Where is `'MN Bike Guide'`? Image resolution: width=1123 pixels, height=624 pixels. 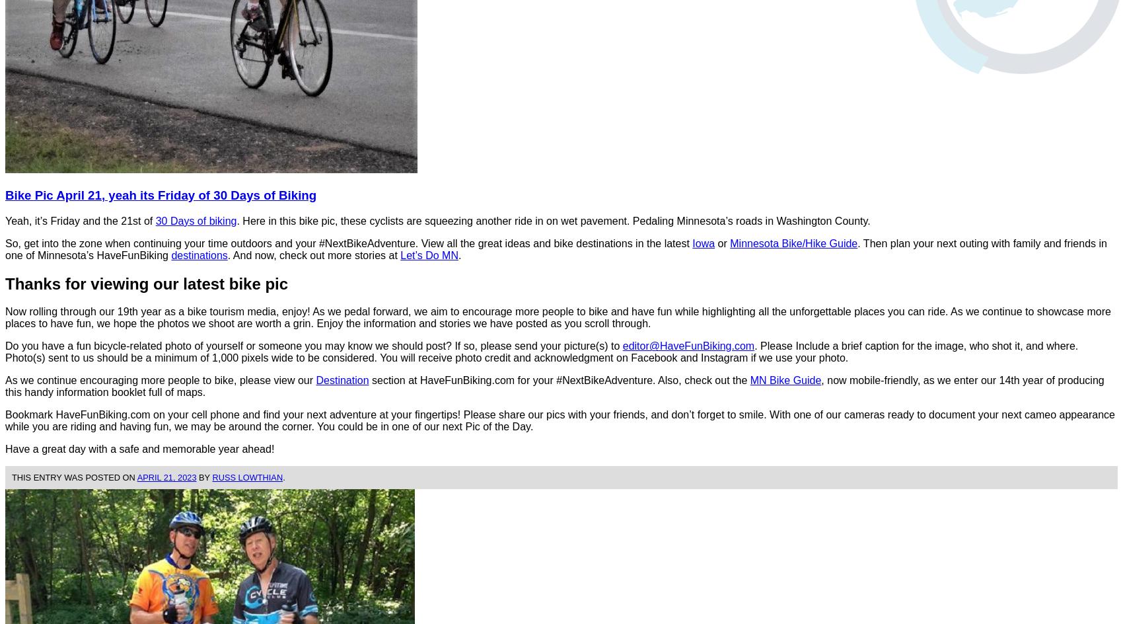 'MN Bike Guide' is located at coordinates (784, 379).